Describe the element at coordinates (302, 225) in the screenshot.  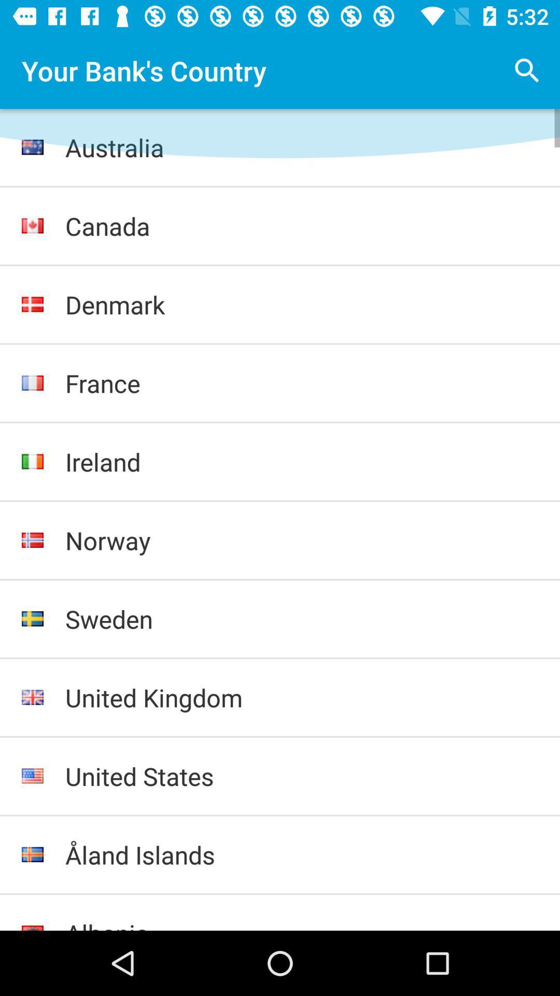
I see `the icon below australia icon` at that location.